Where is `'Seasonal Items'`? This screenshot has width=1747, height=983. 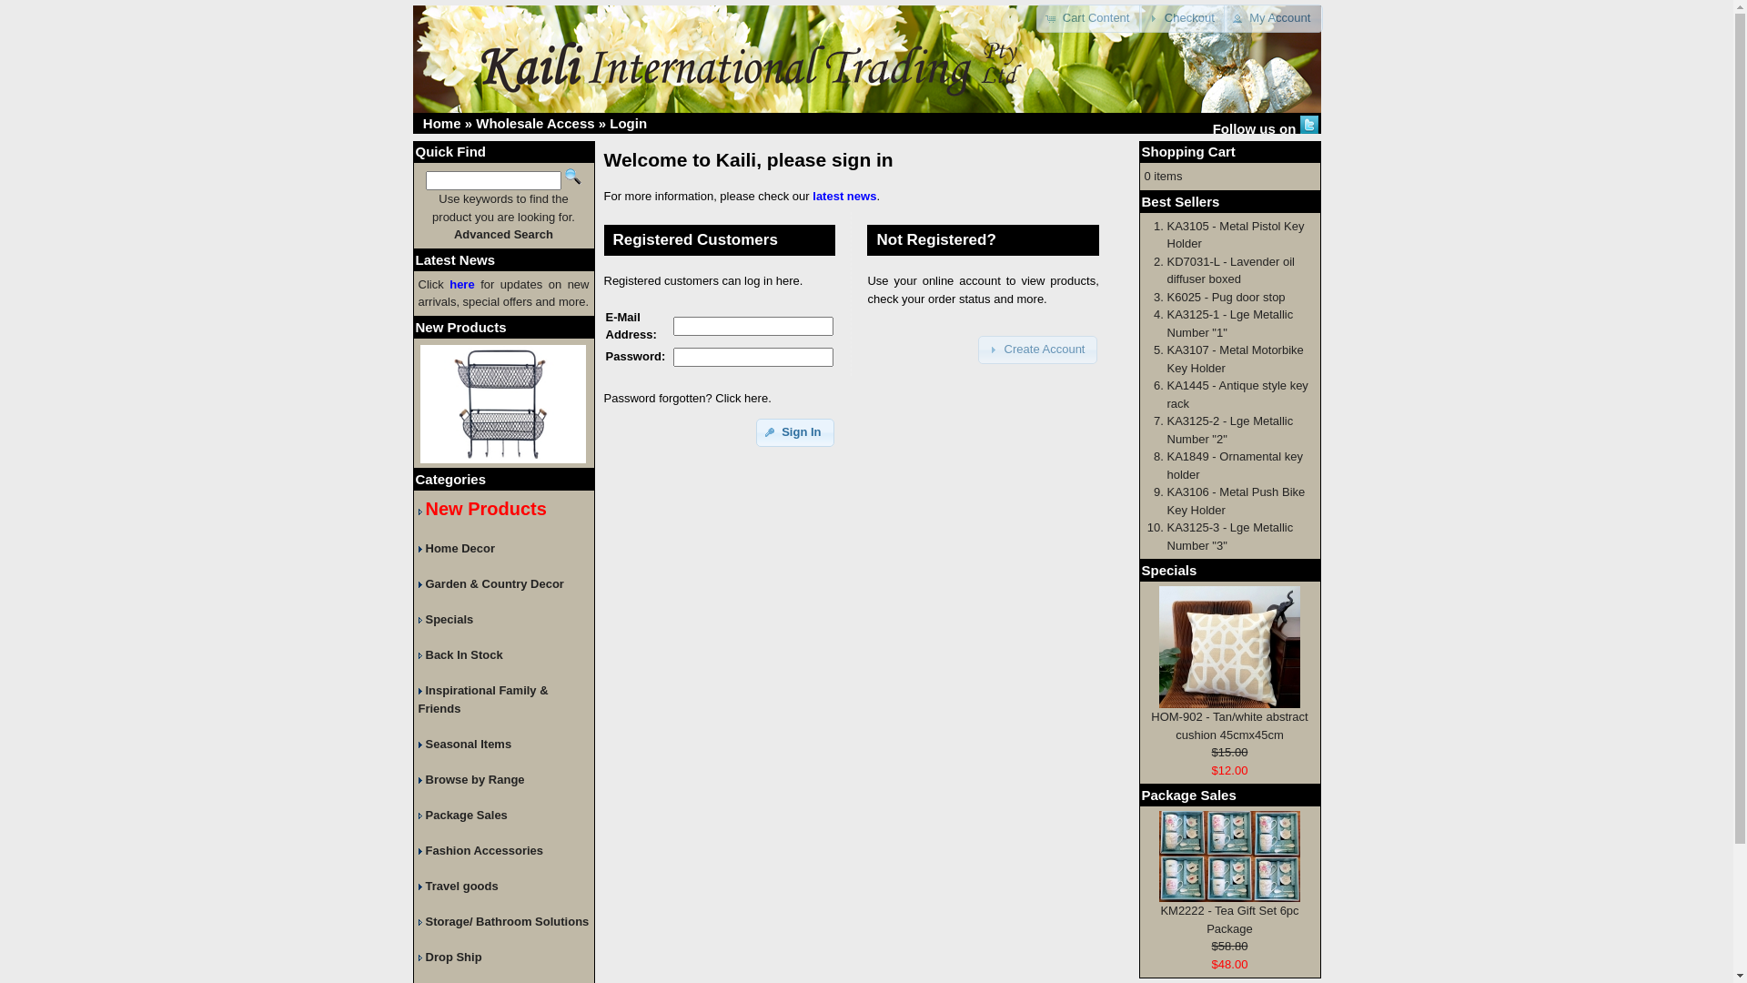
'Seasonal Items' is located at coordinates (465, 744).